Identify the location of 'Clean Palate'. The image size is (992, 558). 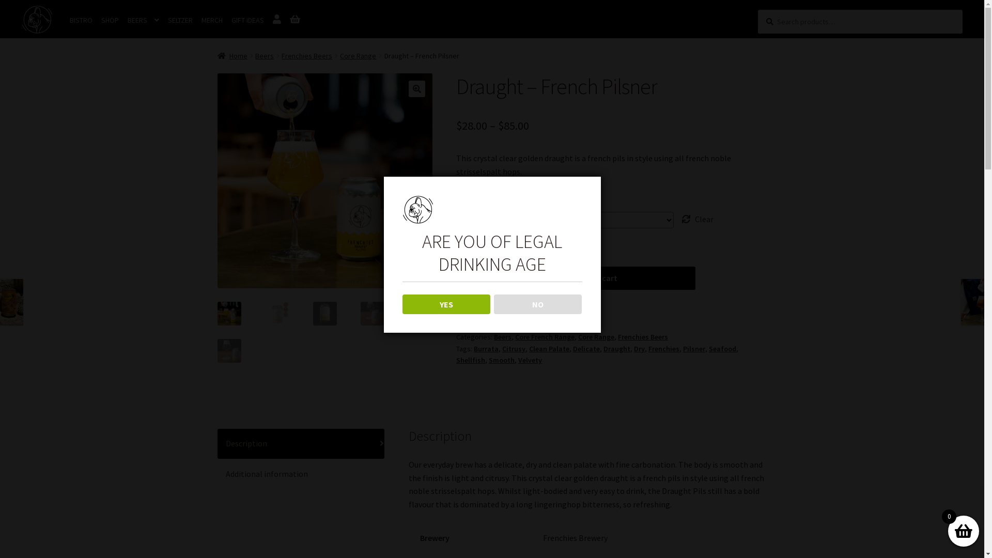
(548, 349).